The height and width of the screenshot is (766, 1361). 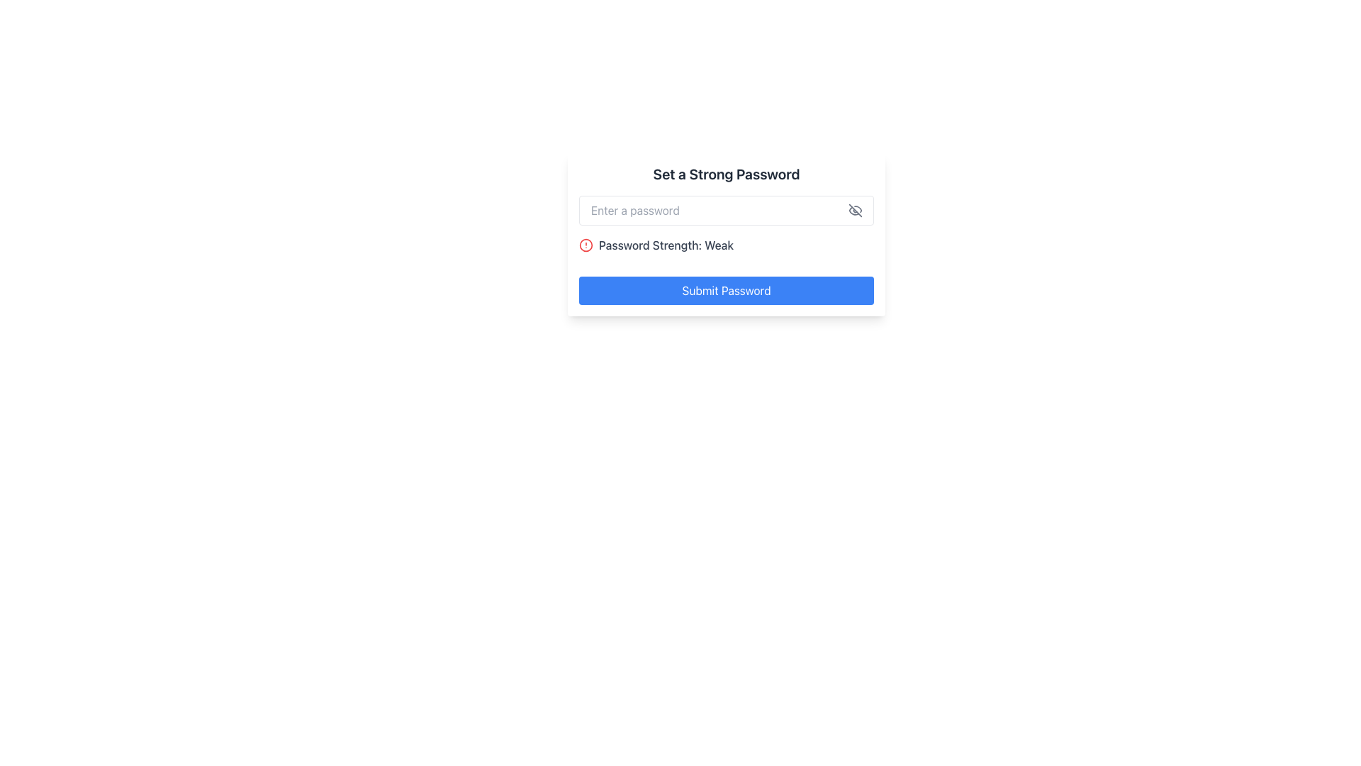 I want to click on the circular icon with a red border that indicates a weak password, located immediately to the left of the text 'Password Strength: Weak' in the form interface, so click(x=586, y=245).